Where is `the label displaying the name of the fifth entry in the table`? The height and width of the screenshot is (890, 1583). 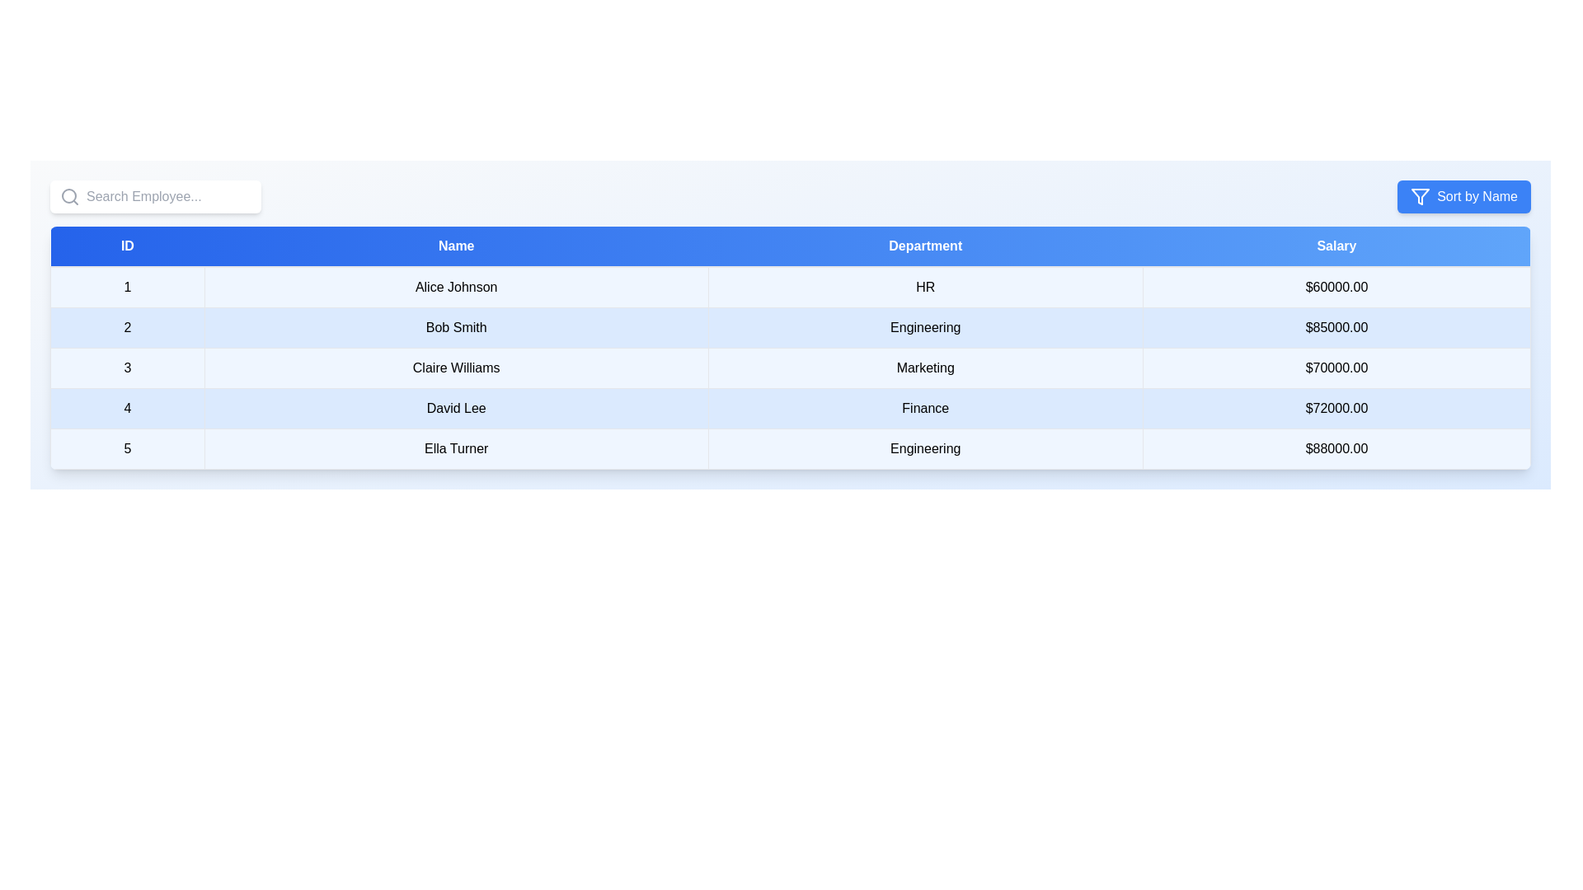
the label displaying the name of the fifth entry in the table is located at coordinates (456, 448).